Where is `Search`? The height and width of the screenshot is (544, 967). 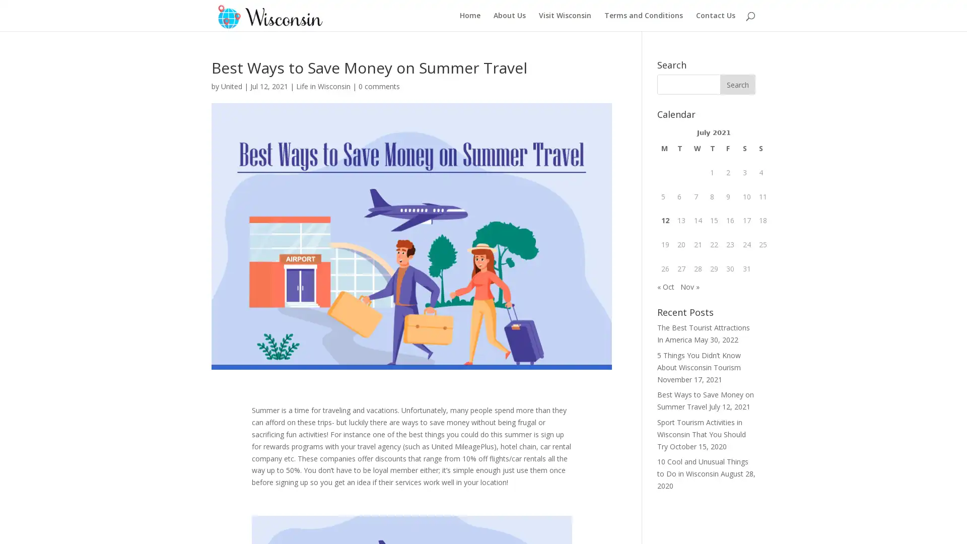 Search is located at coordinates (737, 84).